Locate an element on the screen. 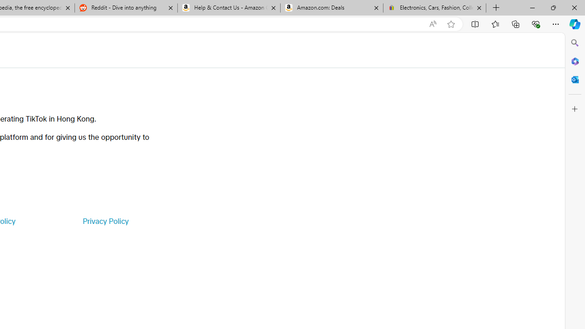 The image size is (585, 329). 'Close tab' is located at coordinates (479, 8).